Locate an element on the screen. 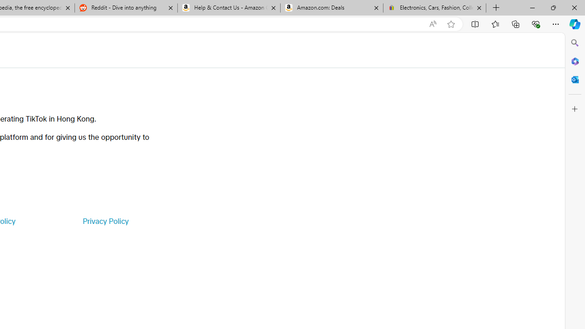 The image size is (585, 329). 'Close tab' is located at coordinates (479, 8).